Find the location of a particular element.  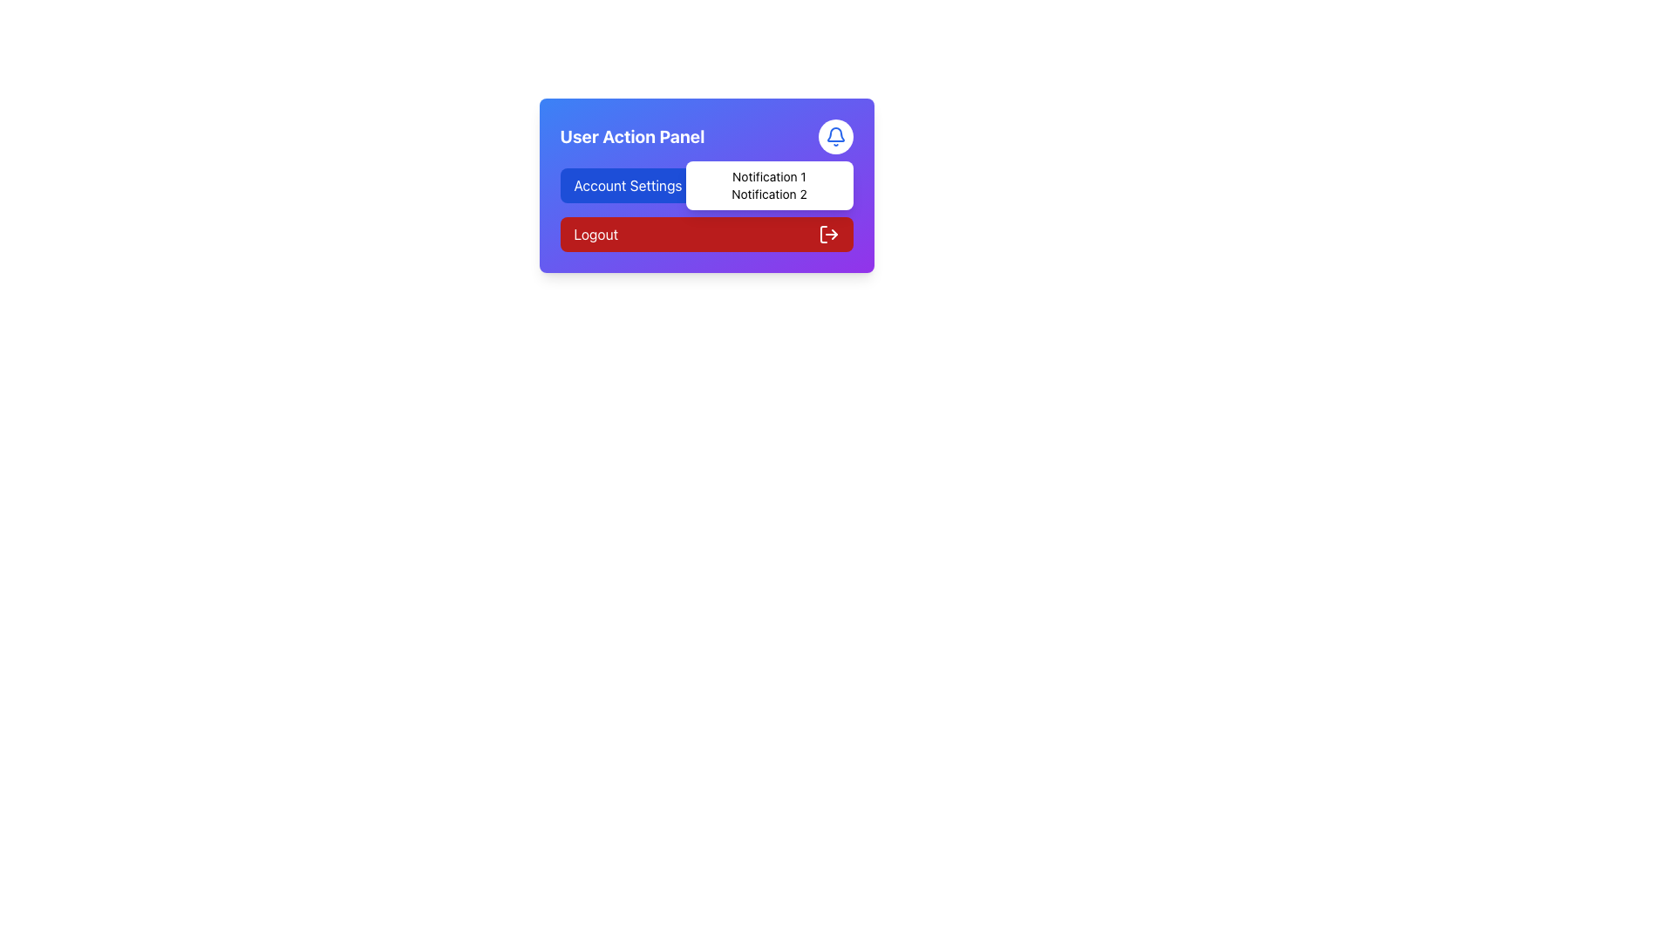

the 'Account Settings' button, which is styled in white text on a blue background and located in the 'User Action Panel', to possibly highlight or reveal additional information is located at coordinates (628, 185).